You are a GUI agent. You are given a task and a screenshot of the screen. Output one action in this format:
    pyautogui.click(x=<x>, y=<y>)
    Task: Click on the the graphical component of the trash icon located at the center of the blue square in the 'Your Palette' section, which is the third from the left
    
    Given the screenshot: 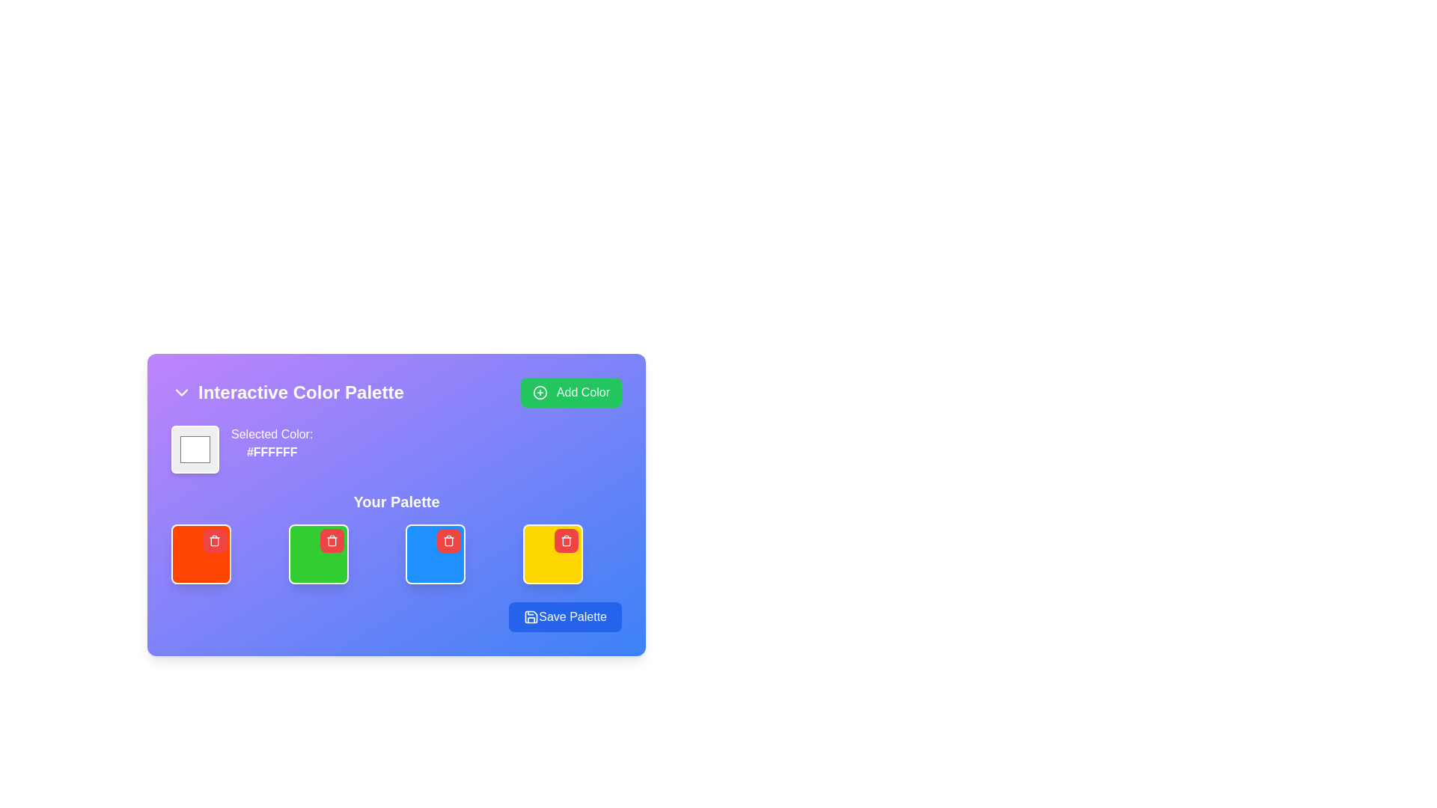 What is the action you would take?
    pyautogui.click(x=448, y=542)
    